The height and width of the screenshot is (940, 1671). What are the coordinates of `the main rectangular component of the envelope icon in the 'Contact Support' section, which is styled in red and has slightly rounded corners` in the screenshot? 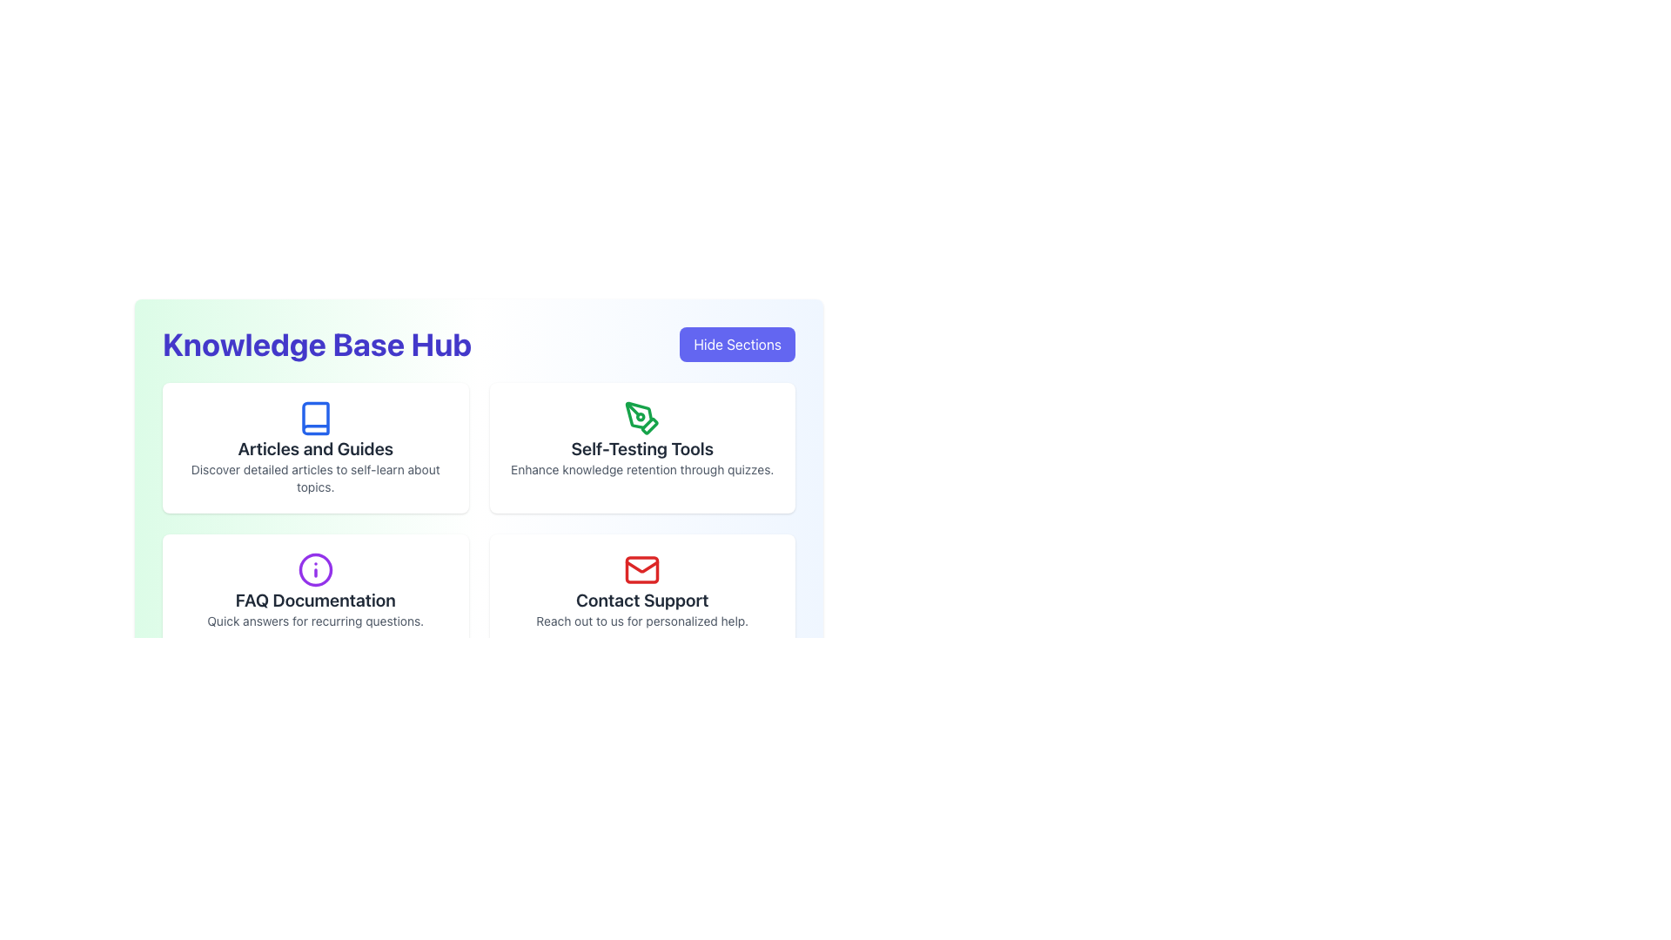 It's located at (641, 570).